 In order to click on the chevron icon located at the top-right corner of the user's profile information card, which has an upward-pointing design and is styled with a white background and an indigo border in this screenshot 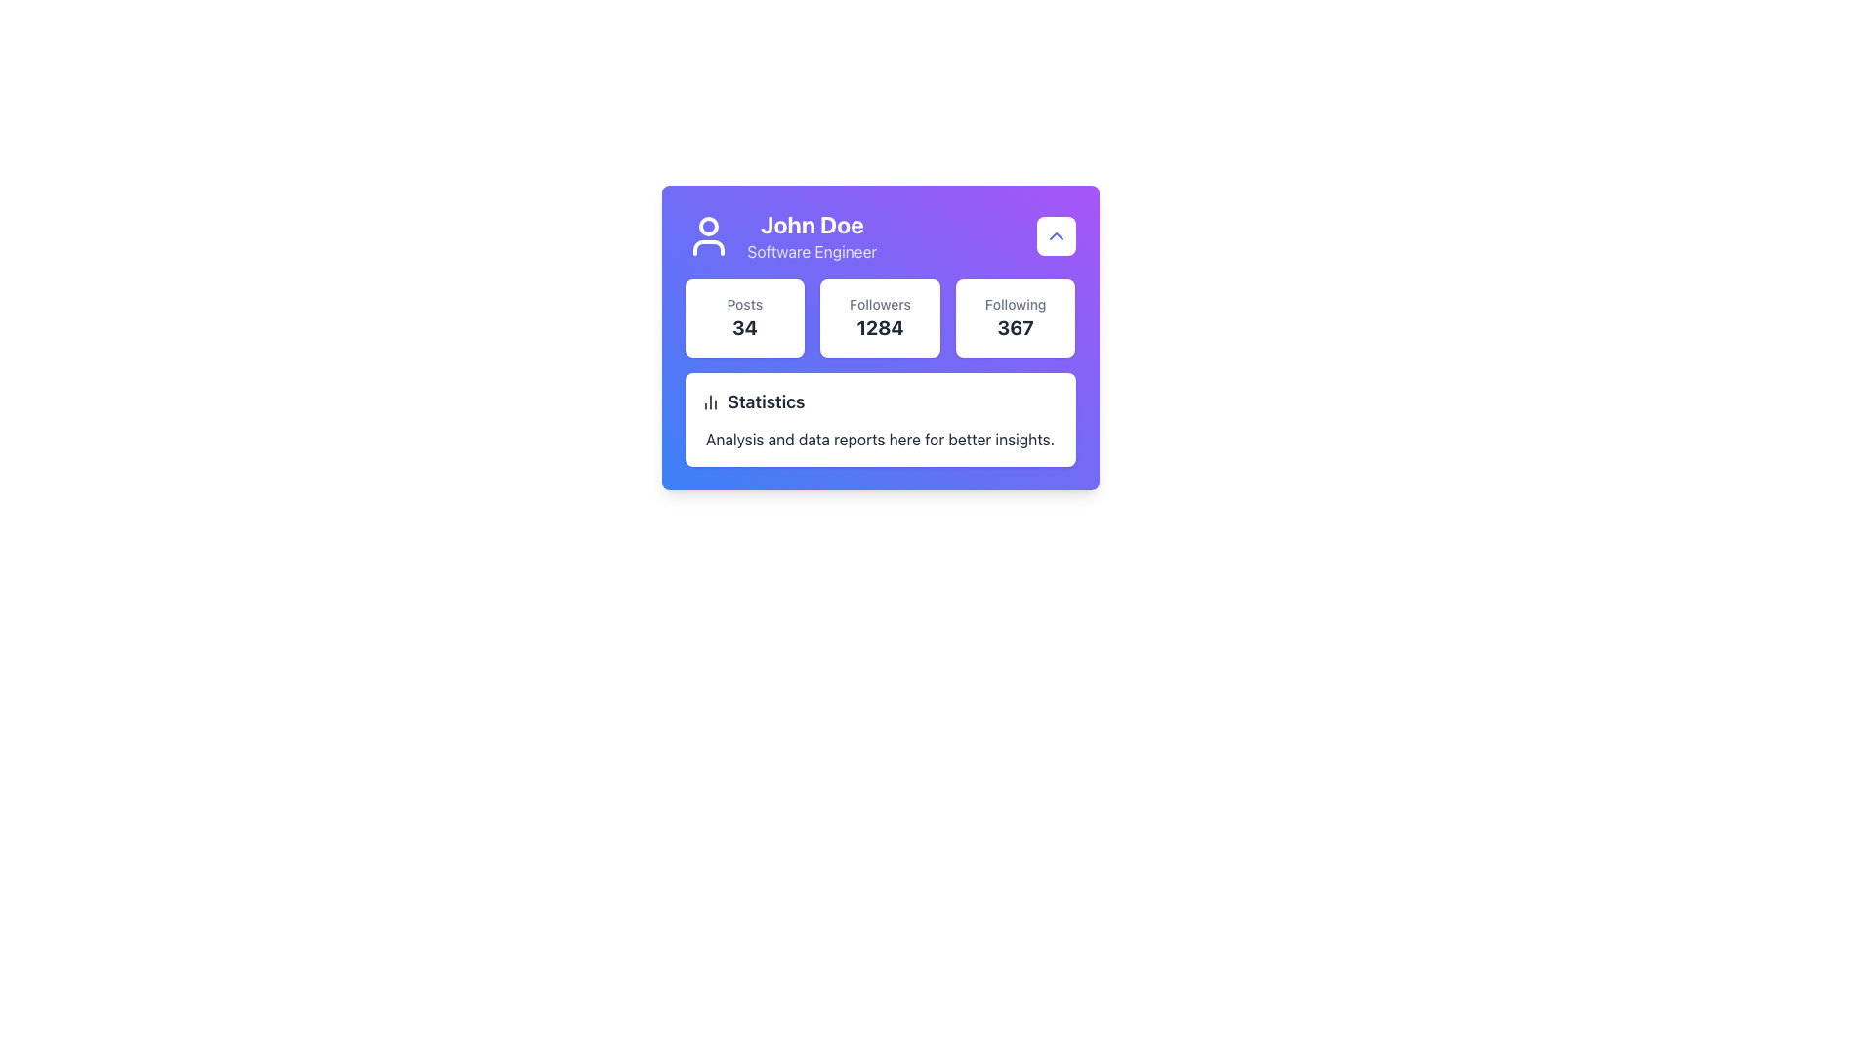, I will do `click(1055, 235)`.